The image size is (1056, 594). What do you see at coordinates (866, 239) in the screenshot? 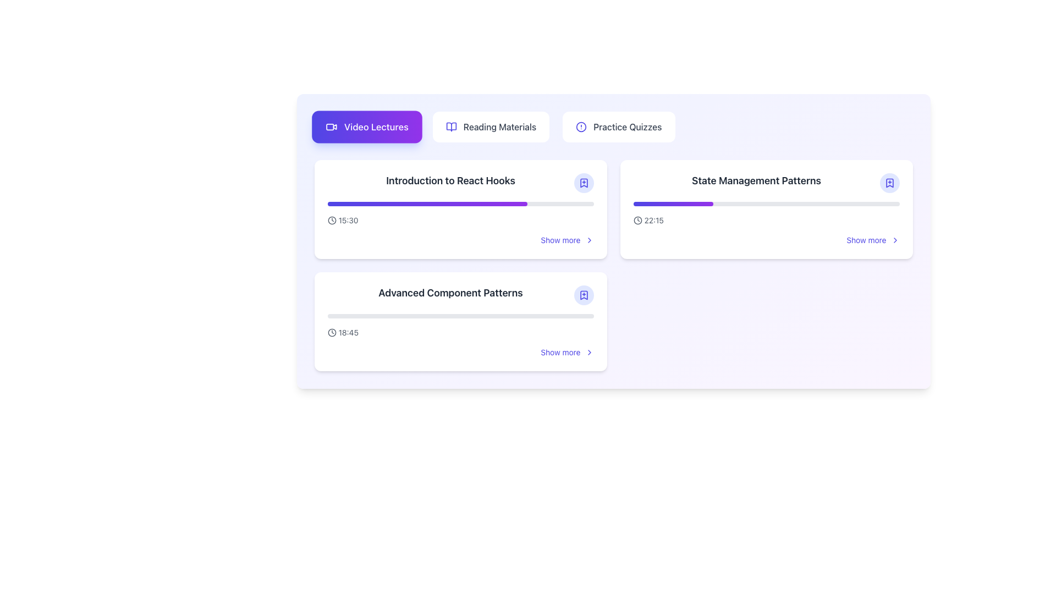
I see `the 'Show more' text link/button located at the bottom right of the 'State Management Patterns' card` at bounding box center [866, 239].